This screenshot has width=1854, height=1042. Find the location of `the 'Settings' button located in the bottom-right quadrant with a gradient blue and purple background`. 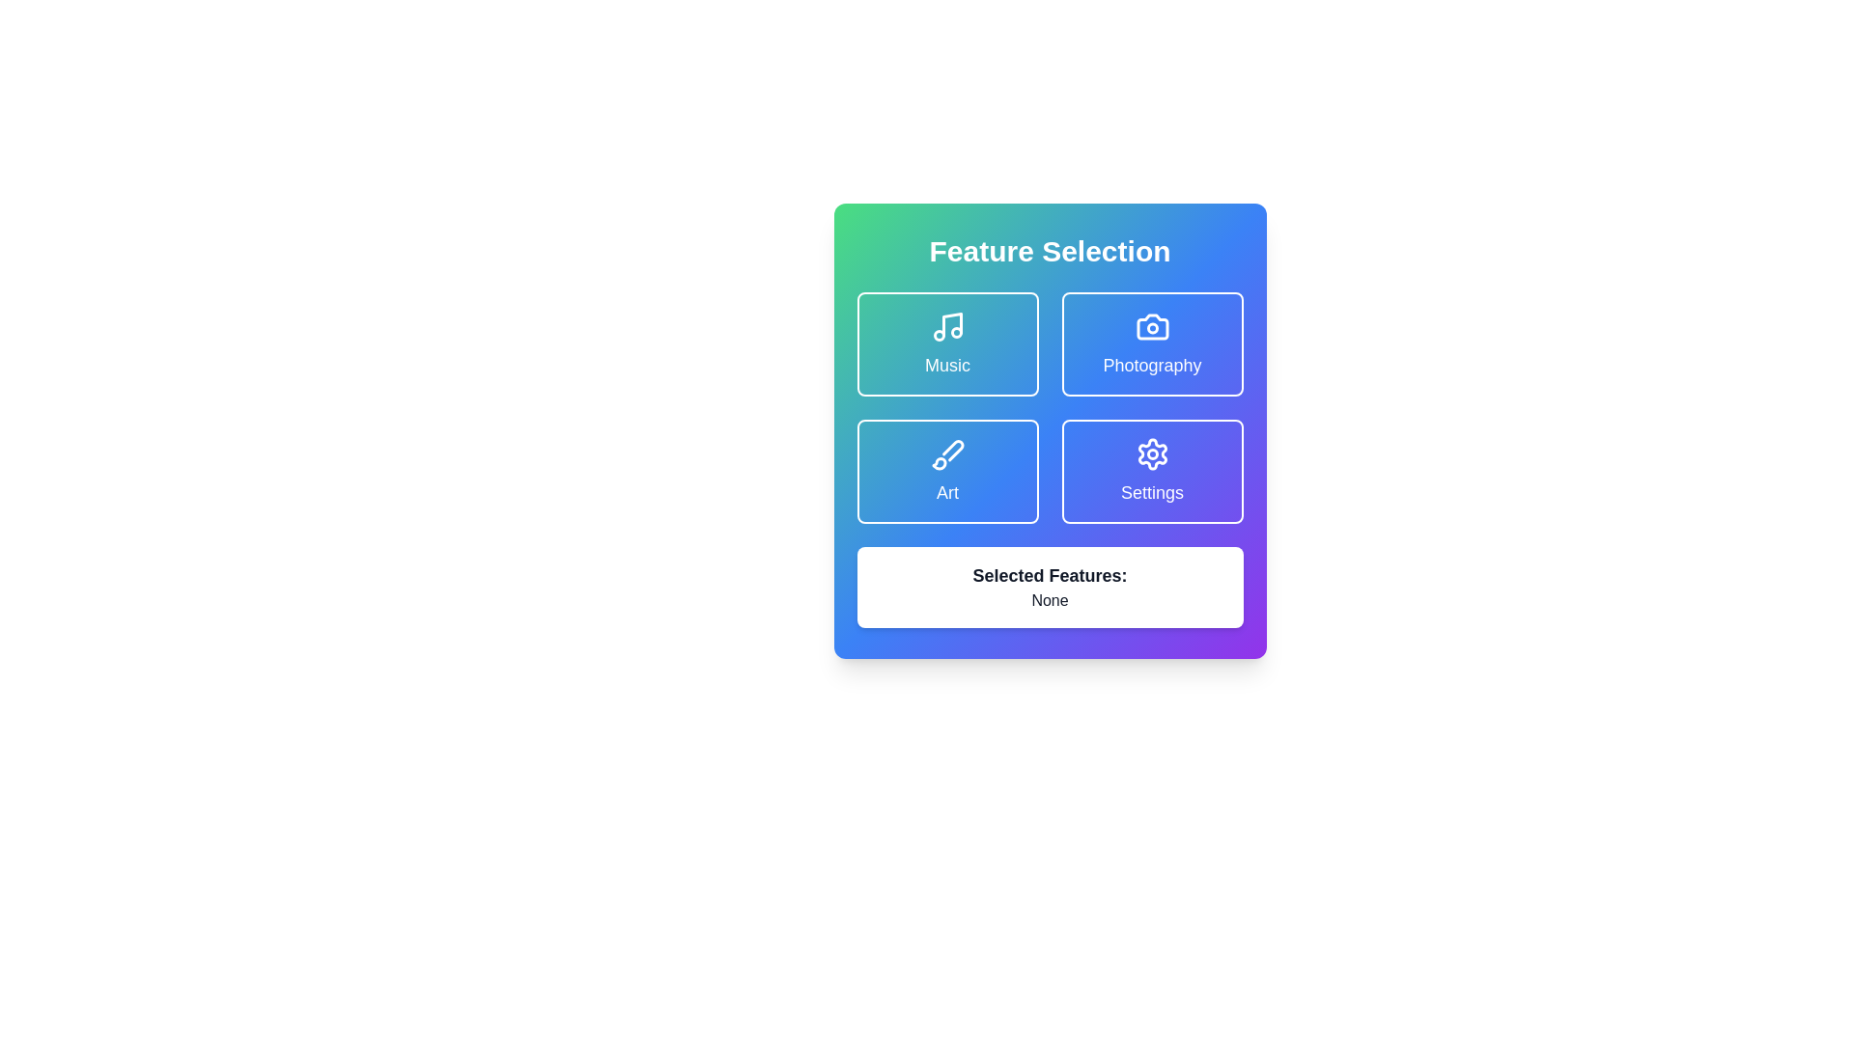

the 'Settings' button located in the bottom-right quadrant with a gradient blue and purple background is located at coordinates (1152, 472).